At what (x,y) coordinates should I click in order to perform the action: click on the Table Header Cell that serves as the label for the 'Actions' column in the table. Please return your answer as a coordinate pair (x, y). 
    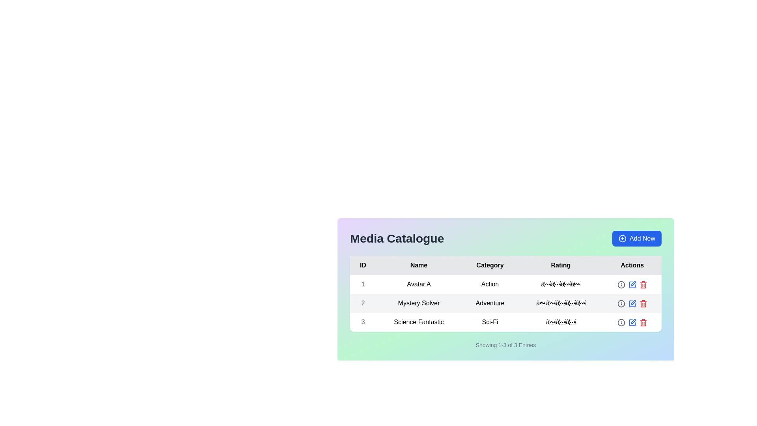
    Looking at the image, I should click on (632, 265).